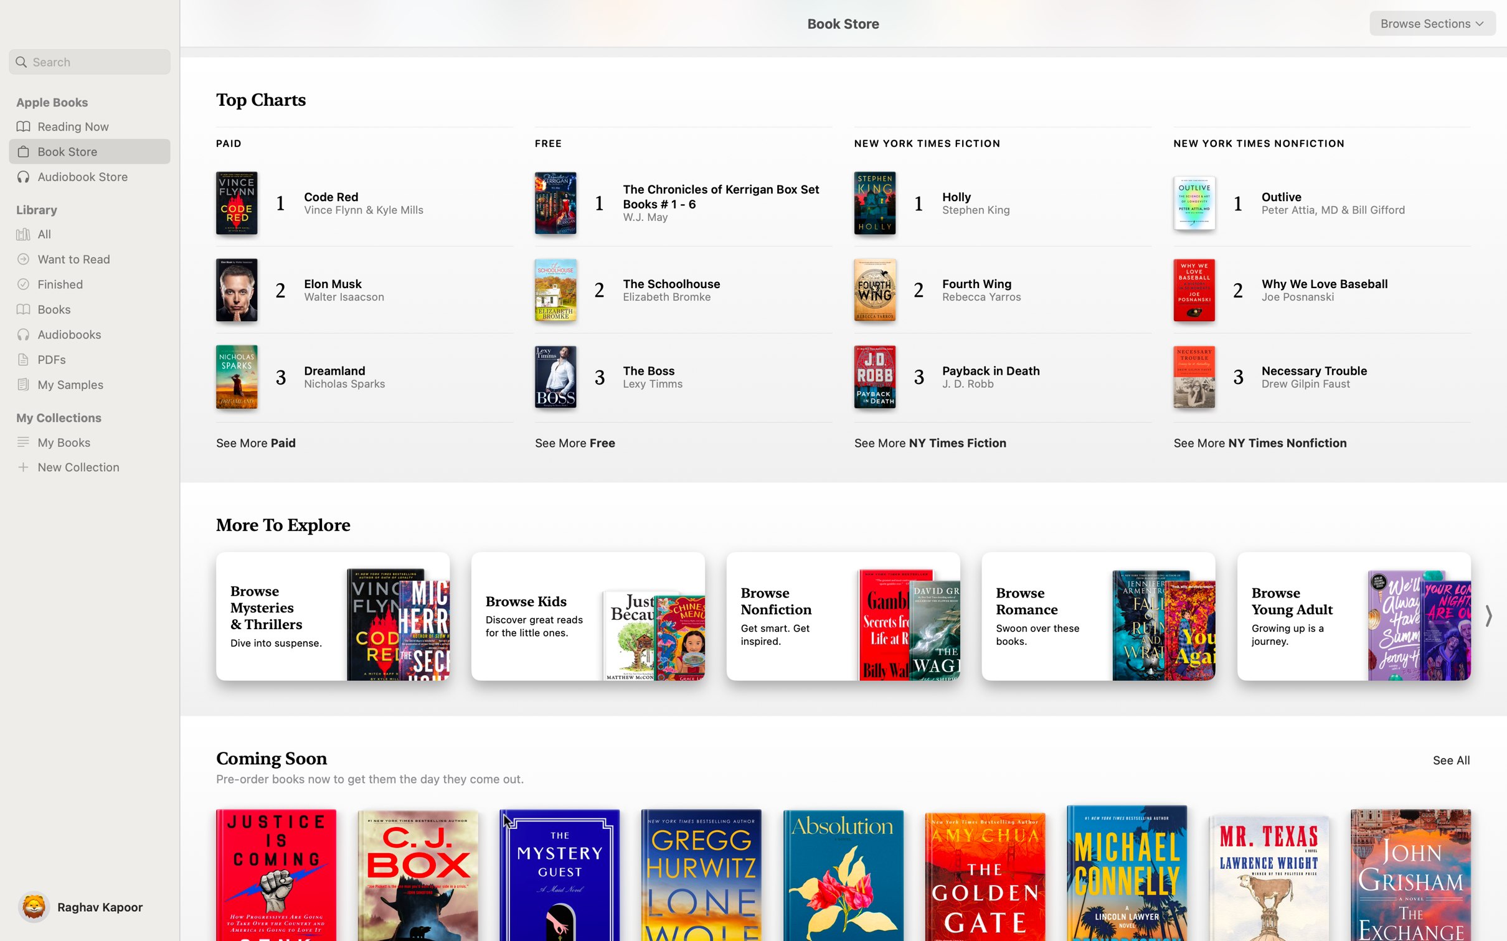  I want to click on Read "The Schoolhouse" from Top Charts, so click(668, 288).